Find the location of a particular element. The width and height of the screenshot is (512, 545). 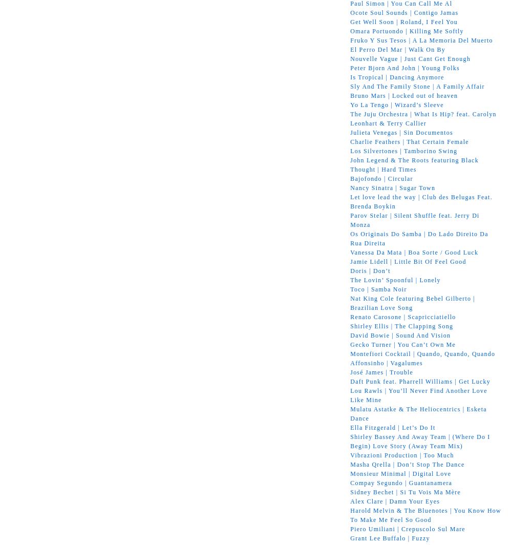

'El Perro Del Mar | Walk On By' is located at coordinates (397, 49).